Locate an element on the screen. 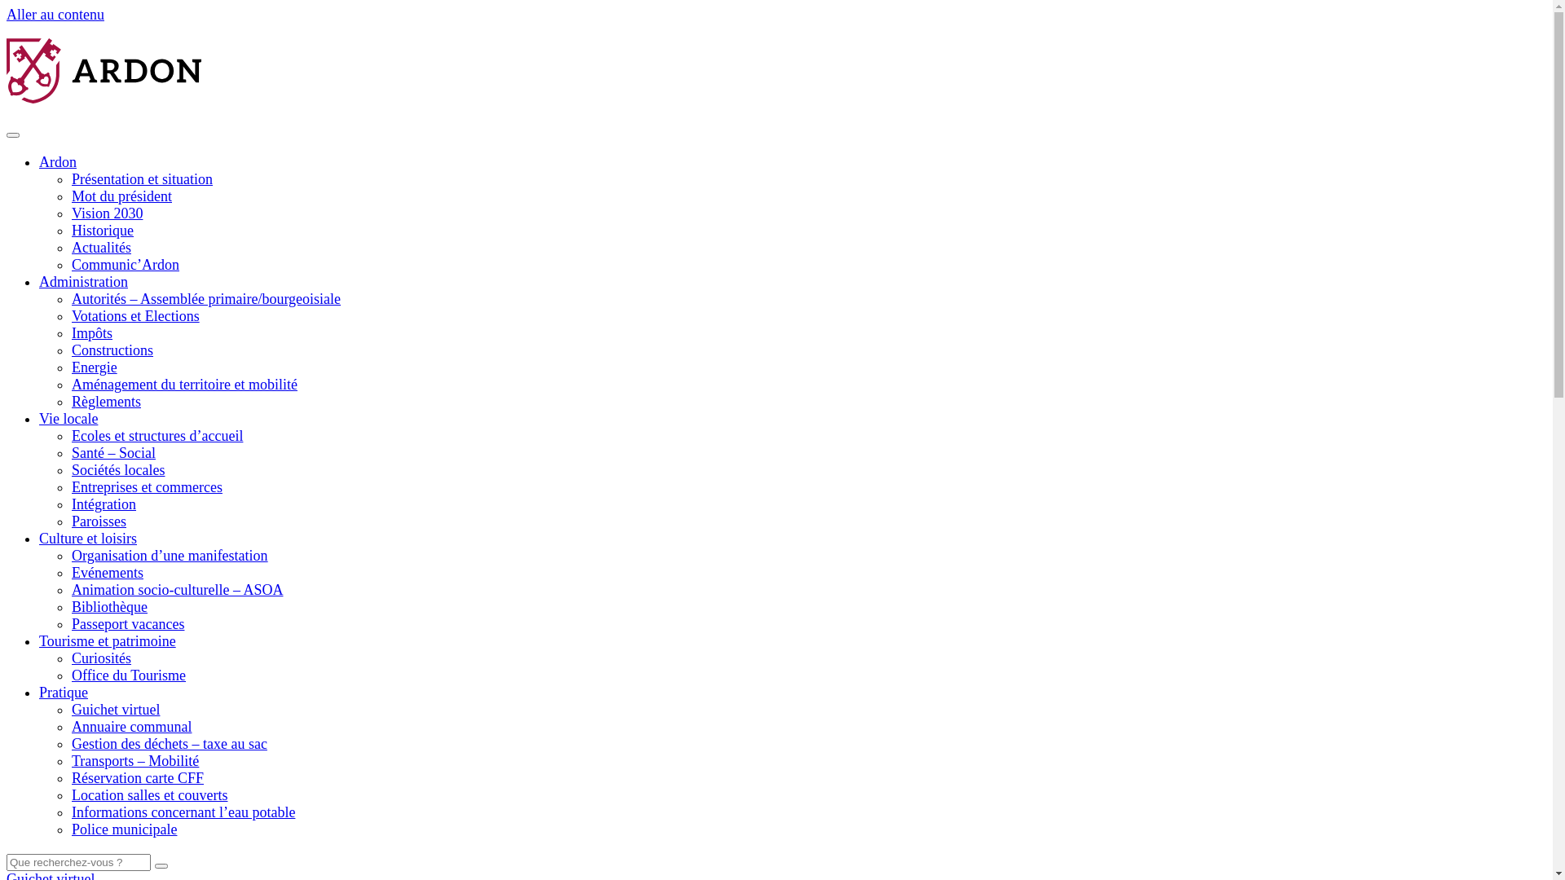  'Office du Tourisme' is located at coordinates (128, 675).